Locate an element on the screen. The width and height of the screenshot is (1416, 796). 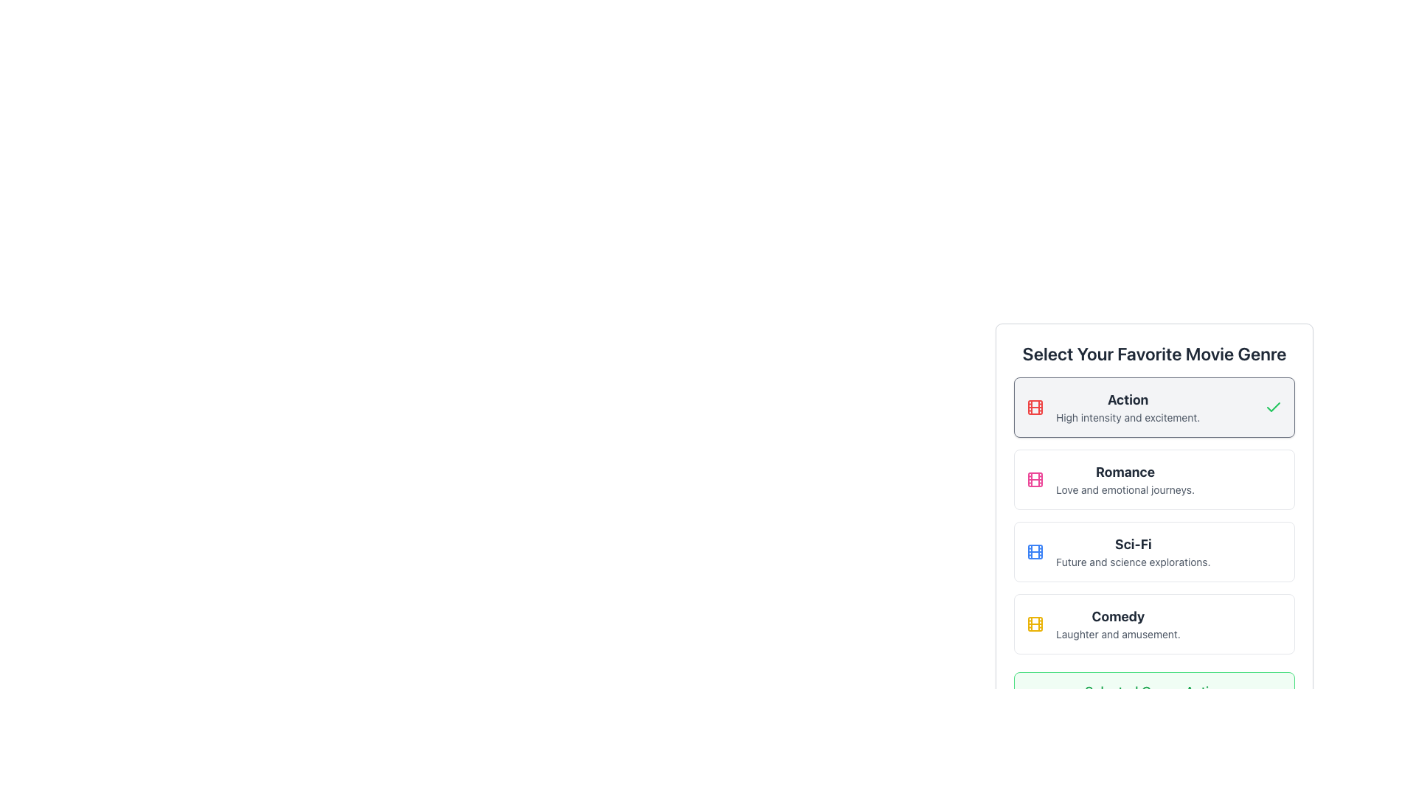
static descriptive text located directly below the 'Action' selection in the 'Select Your Favorite Movie Genre' list is located at coordinates (1127, 418).